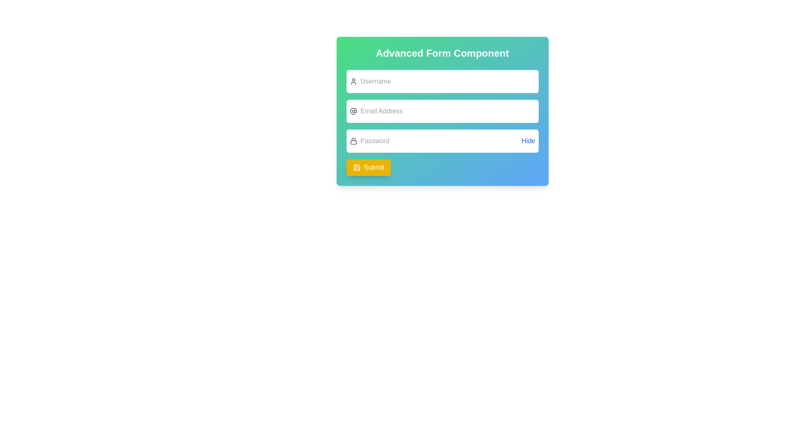 The height and width of the screenshot is (447, 795). I want to click on the small save icon, which is a floppy disk outline located at the center of the 'Submit' button in the bottom-left corner of the form, so click(357, 168).